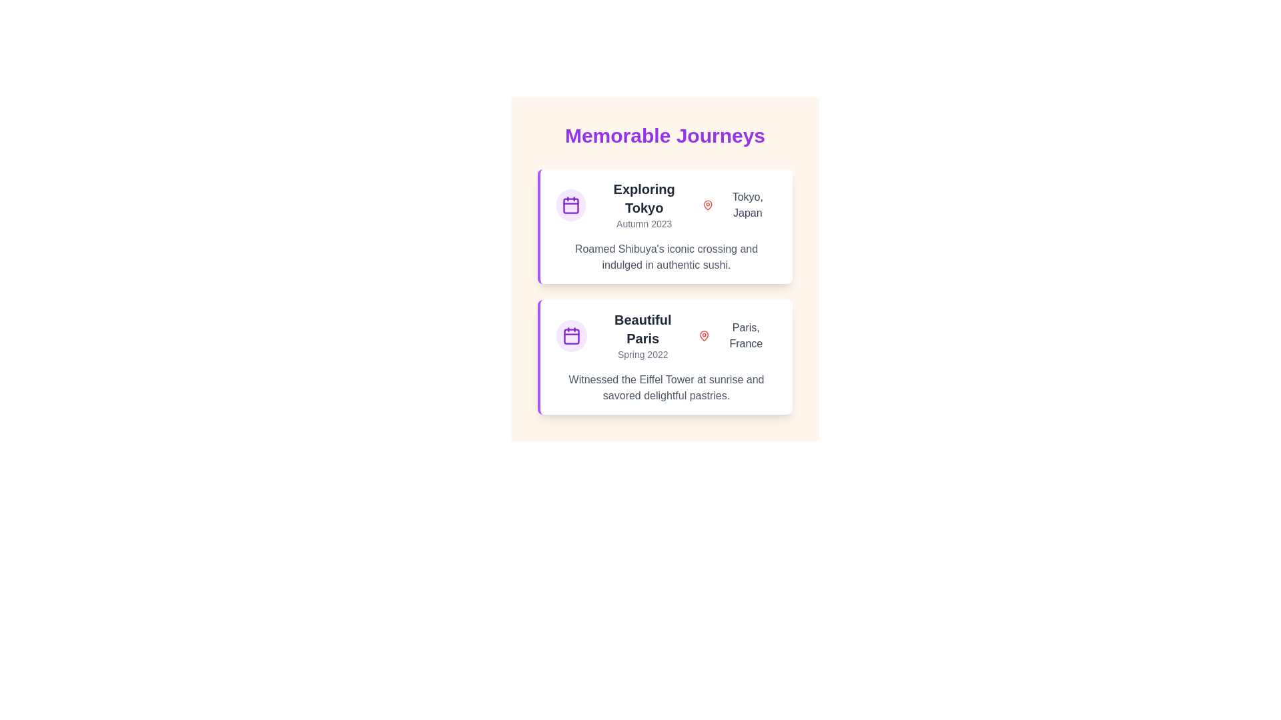 The height and width of the screenshot is (720, 1281). Describe the element at coordinates (739, 205) in the screenshot. I see `the label with a red map pin icon and the text 'Tokyo, Japan'` at that location.